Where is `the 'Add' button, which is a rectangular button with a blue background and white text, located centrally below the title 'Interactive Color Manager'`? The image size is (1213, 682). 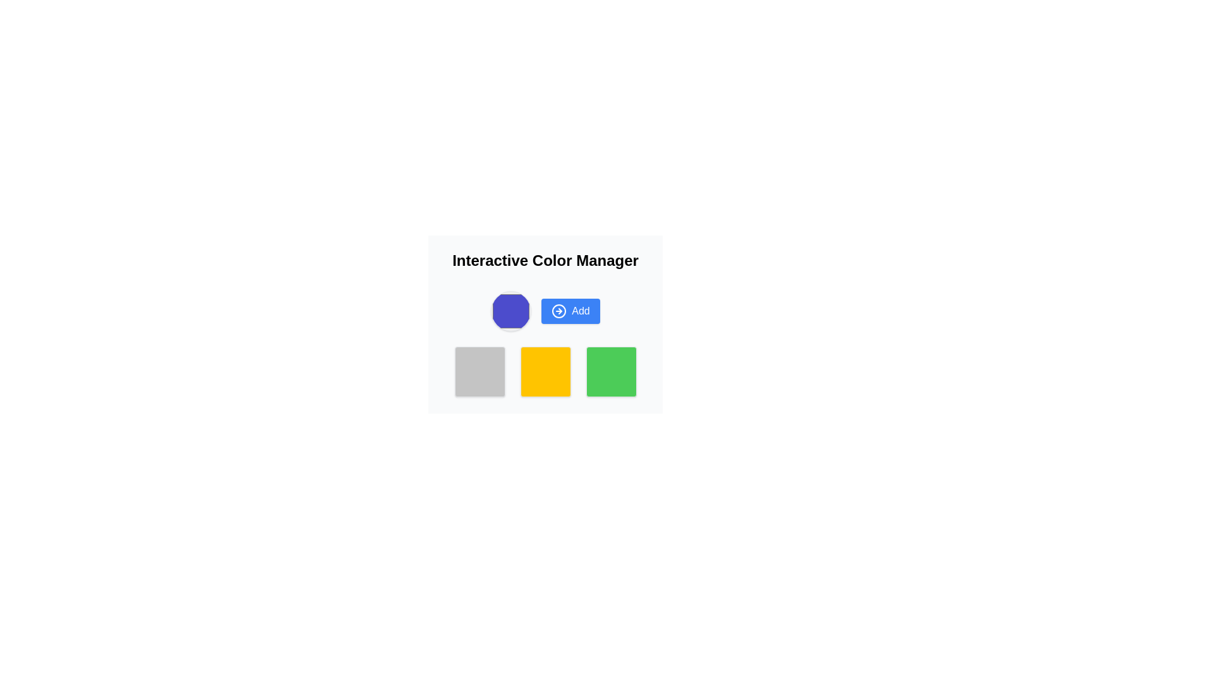
the 'Add' button, which is a rectangular button with a blue background and white text, located centrally below the title 'Interactive Color Manager' is located at coordinates (545, 316).